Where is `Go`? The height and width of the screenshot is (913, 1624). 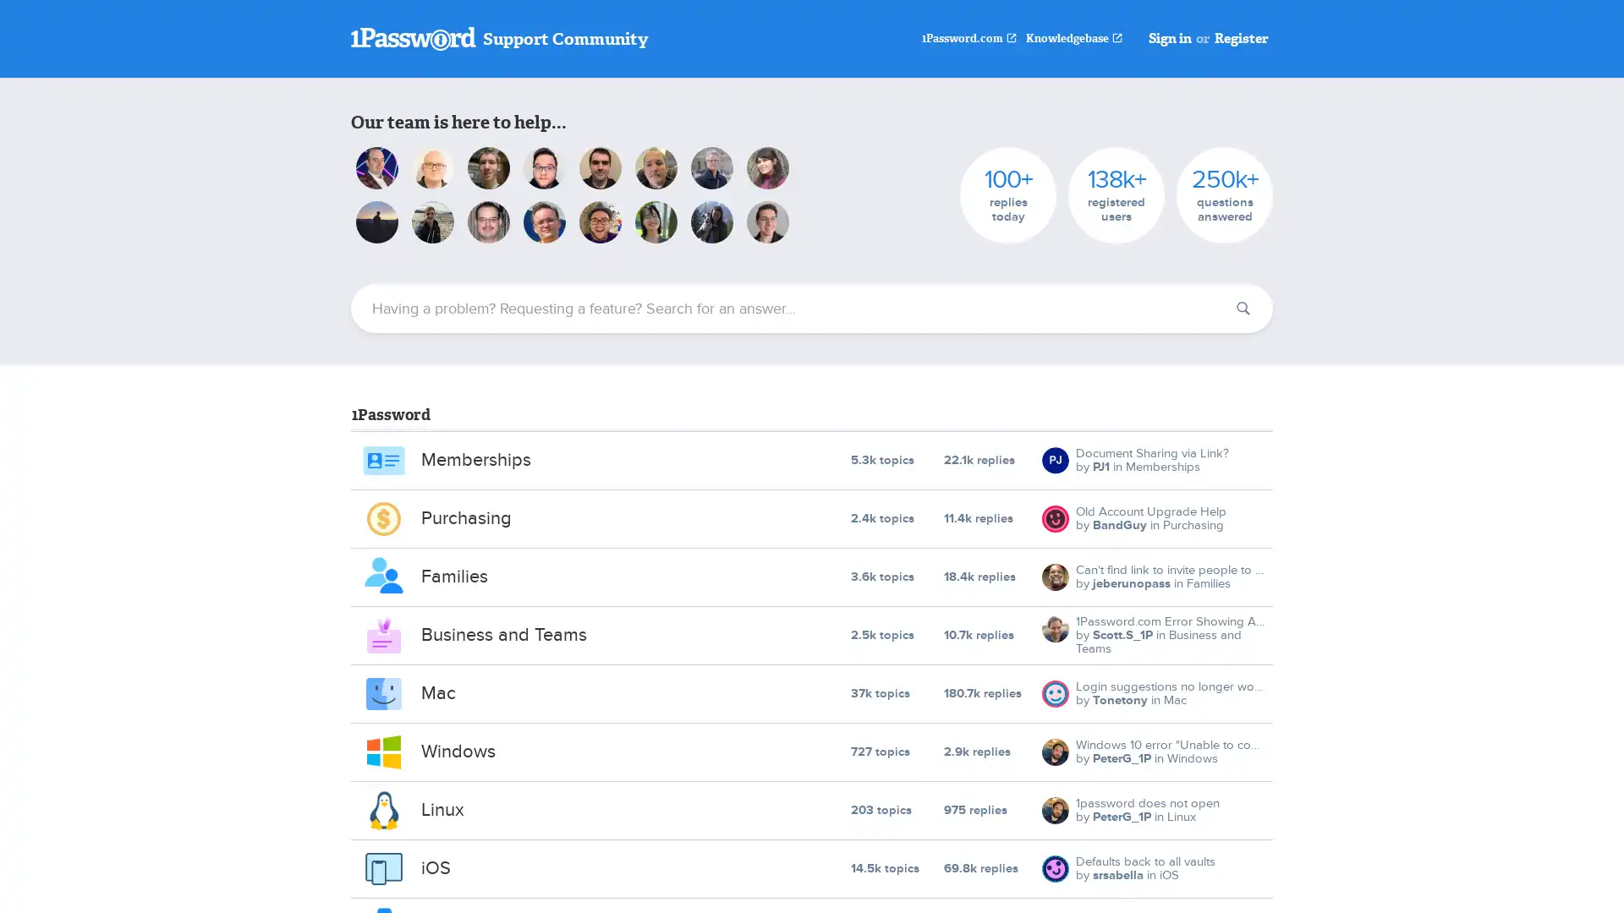
Go is located at coordinates (1243, 309).